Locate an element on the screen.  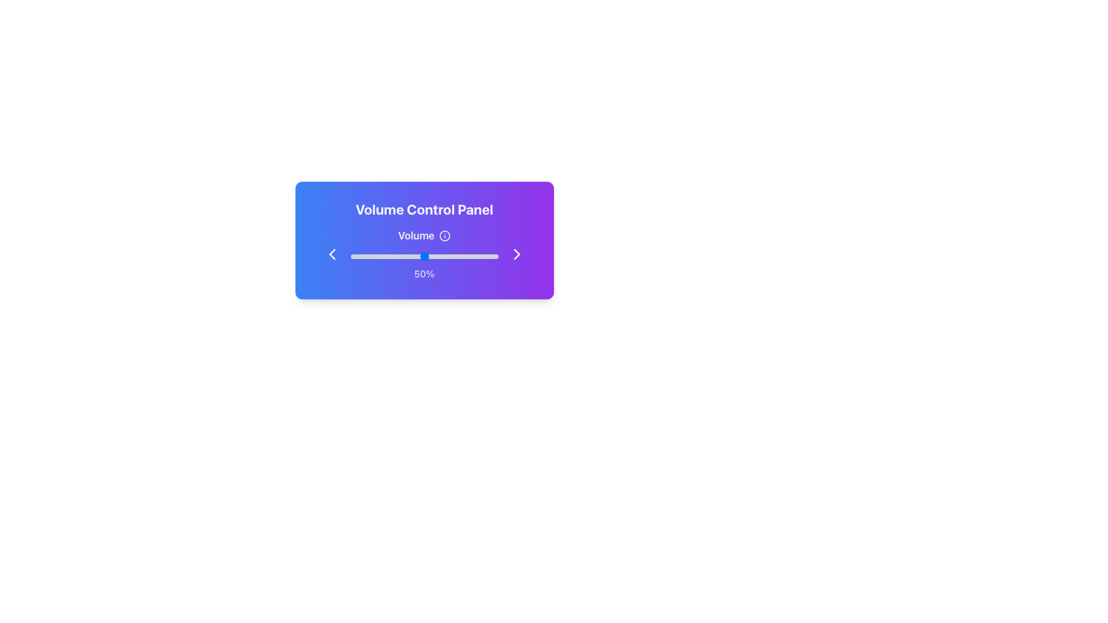
the right-pointing chevron icon located in the Volume Control Panel, which is styled with simple geometric lines and contrasts against a purple background is located at coordinates (516, 253).